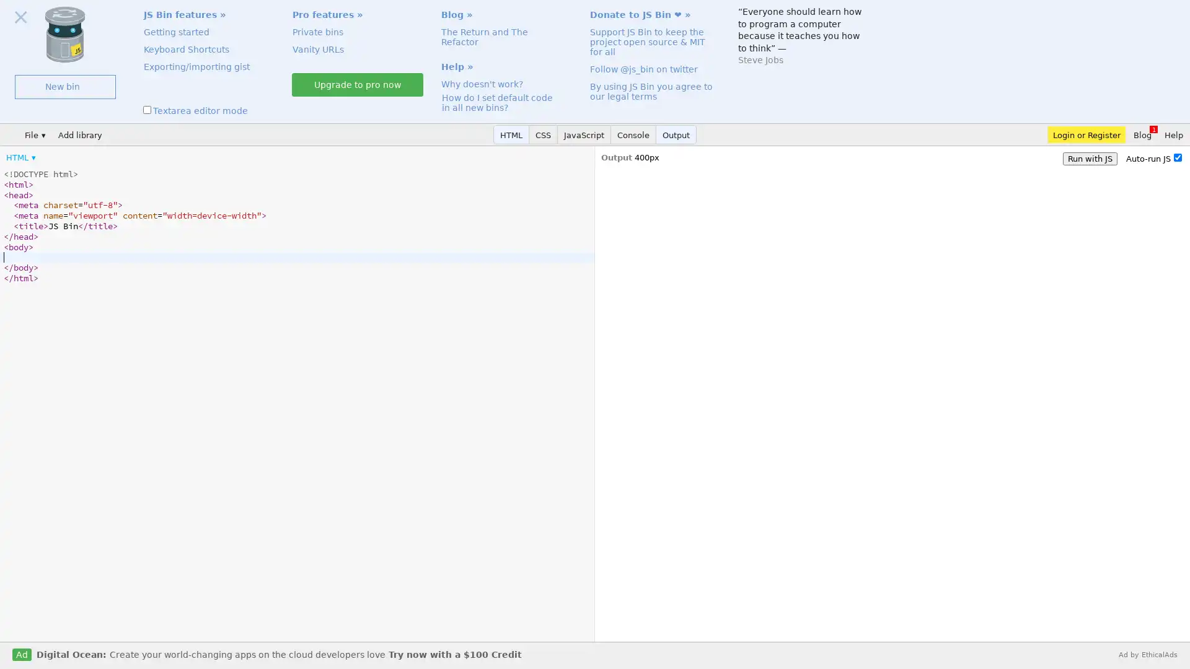  Describe the element at coordinates (544, 134) in the screenshot. I see `CSS Panel: Inactive` at that location.